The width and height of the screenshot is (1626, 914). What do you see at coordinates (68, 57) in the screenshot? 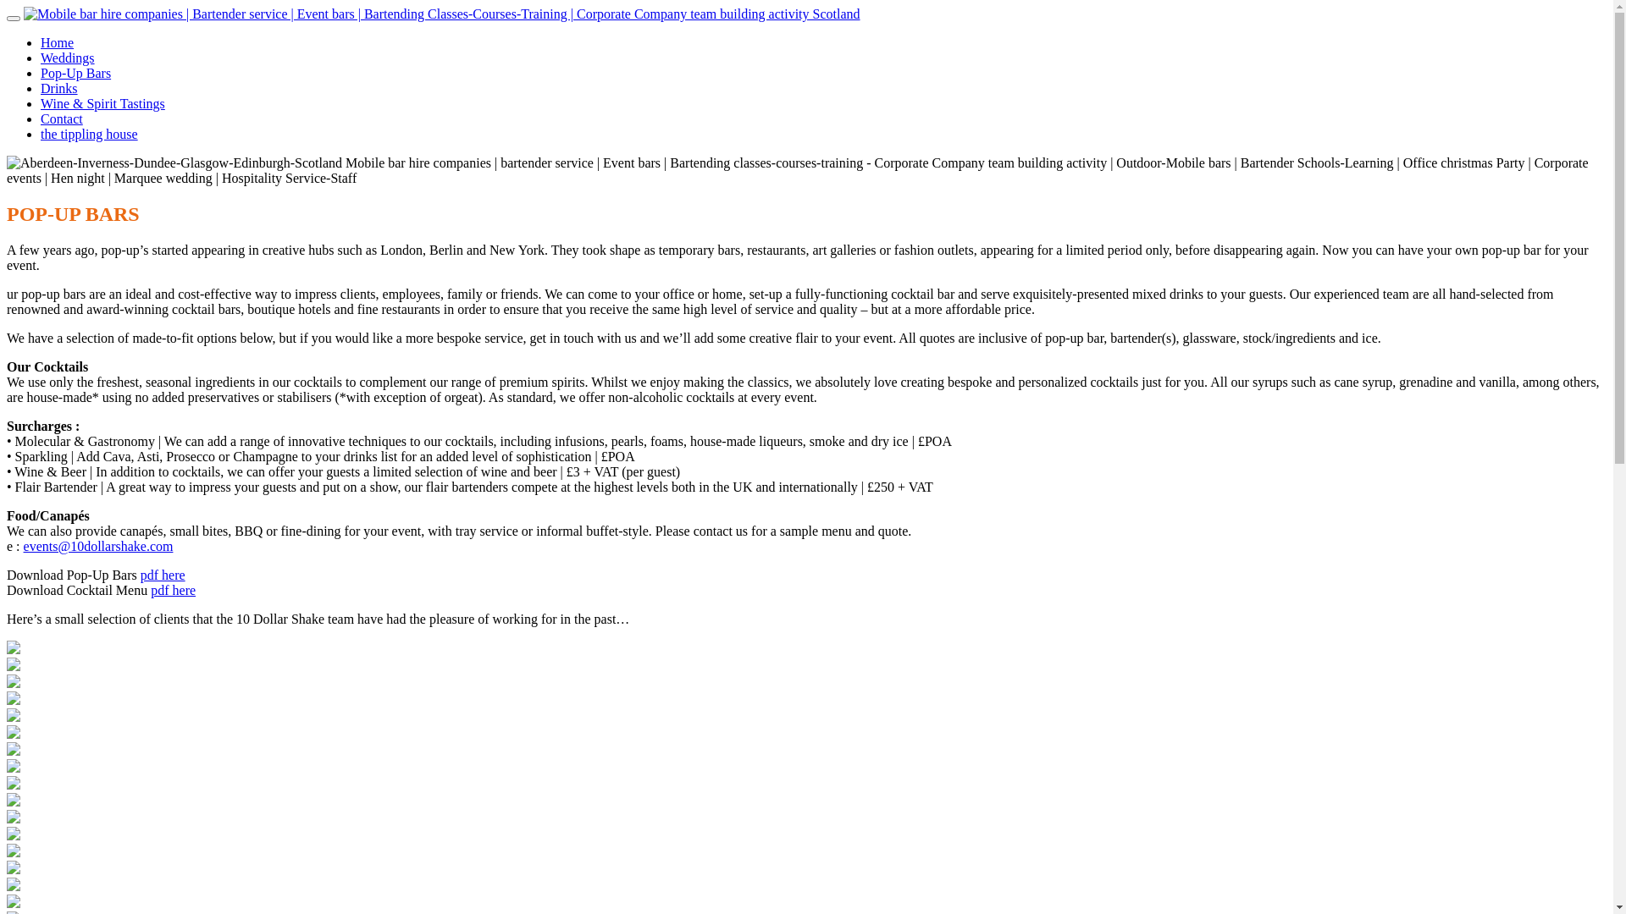
I see `'Weddings'` at bounding box center [68, 57].